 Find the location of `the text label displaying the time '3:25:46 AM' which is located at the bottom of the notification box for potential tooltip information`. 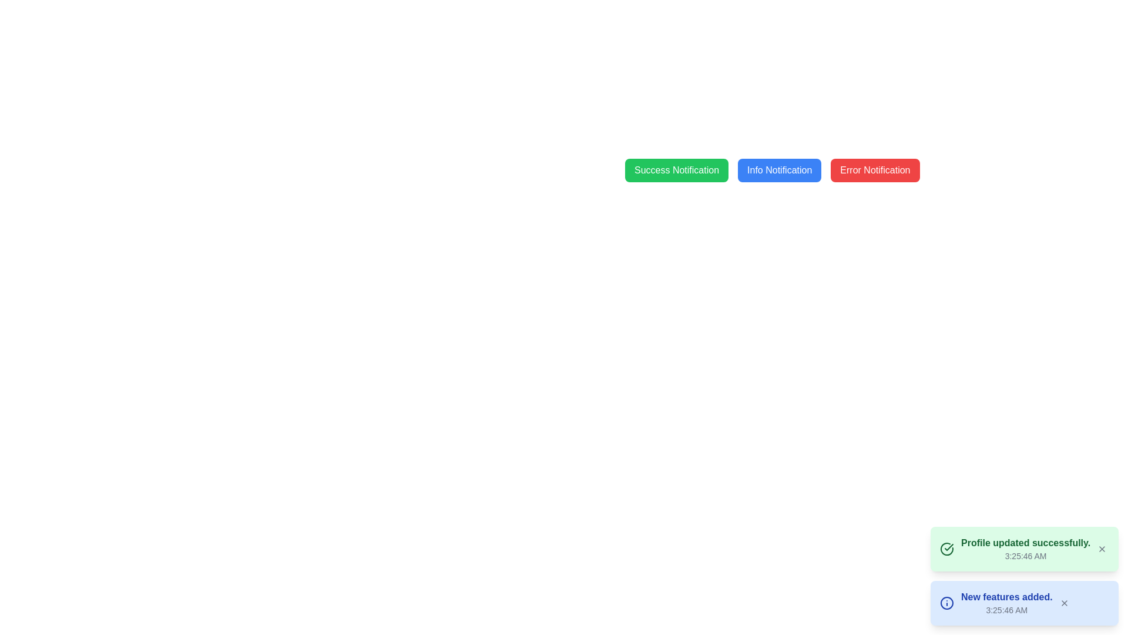

the text label displaying the time '3:25:46 AM' which is located at the bottom of the notification box for potential tooltip information is located at coordinates (1025, 556).